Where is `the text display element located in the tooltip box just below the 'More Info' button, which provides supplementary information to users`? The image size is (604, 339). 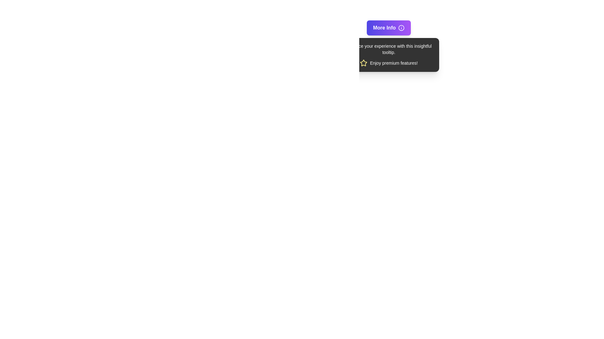 the text display element located in the tooltip box just below the 'More Info' button, which provides supplementary information to users is located at coordinates (389, 49).